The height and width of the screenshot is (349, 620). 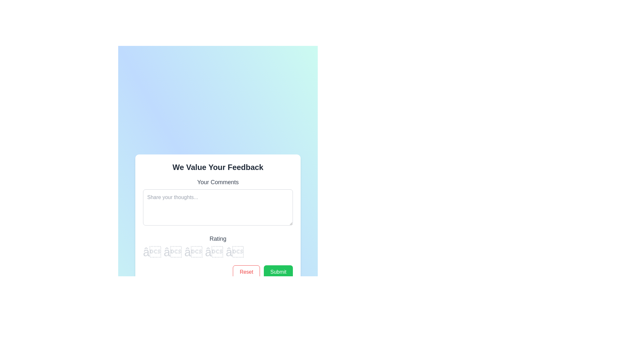 I want to click on the Star rating widget located below the 'Rating' text label in the feedback form, so click(x=218, y=251).